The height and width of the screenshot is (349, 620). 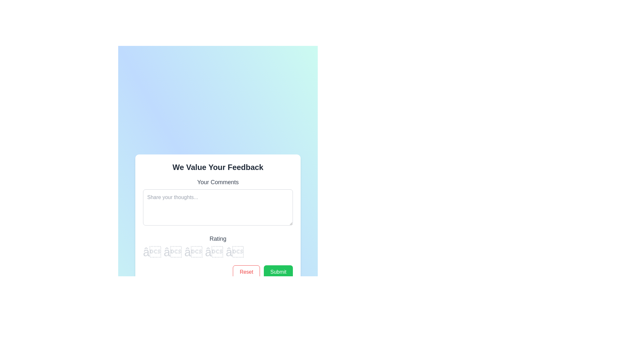 I want to click on the Star rating widget located below the 'Rating' text label in the feedback form, so click(x=218, y=251).